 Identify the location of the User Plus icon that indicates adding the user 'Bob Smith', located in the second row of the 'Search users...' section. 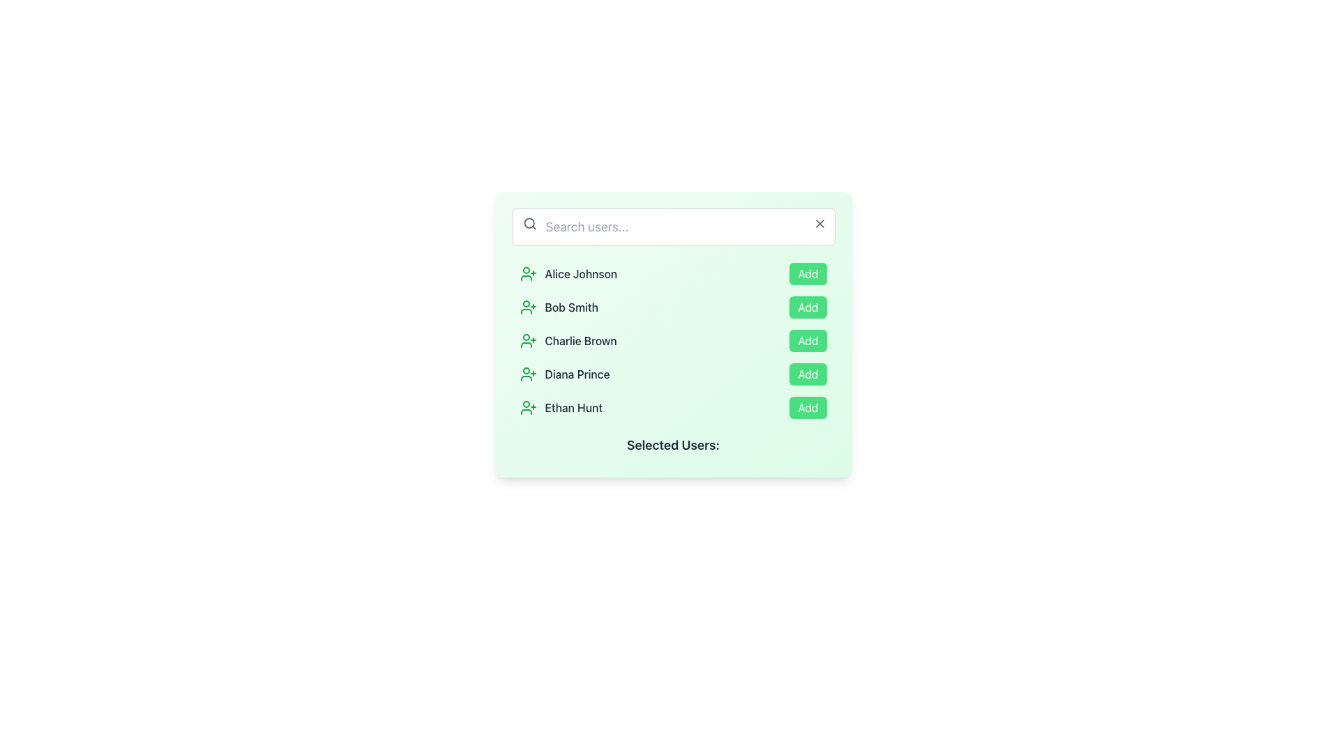
(527, 306).